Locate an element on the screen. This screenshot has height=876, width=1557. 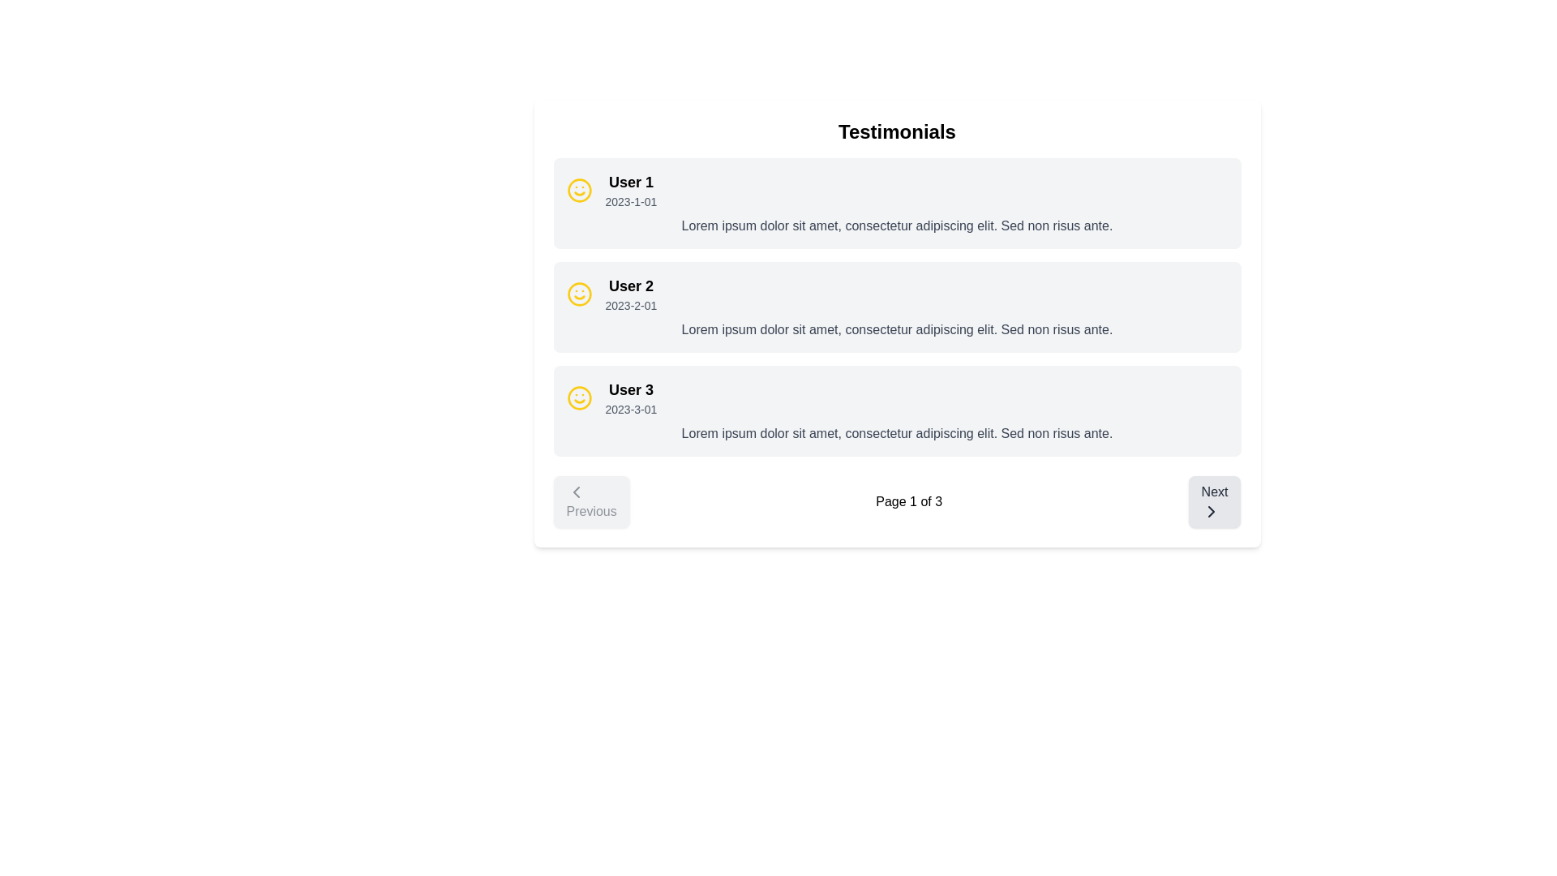
the right-facing chevron icon inside the 'Next' button located at the bottom-right corner of the interface is located at coordinates (1211, 512).